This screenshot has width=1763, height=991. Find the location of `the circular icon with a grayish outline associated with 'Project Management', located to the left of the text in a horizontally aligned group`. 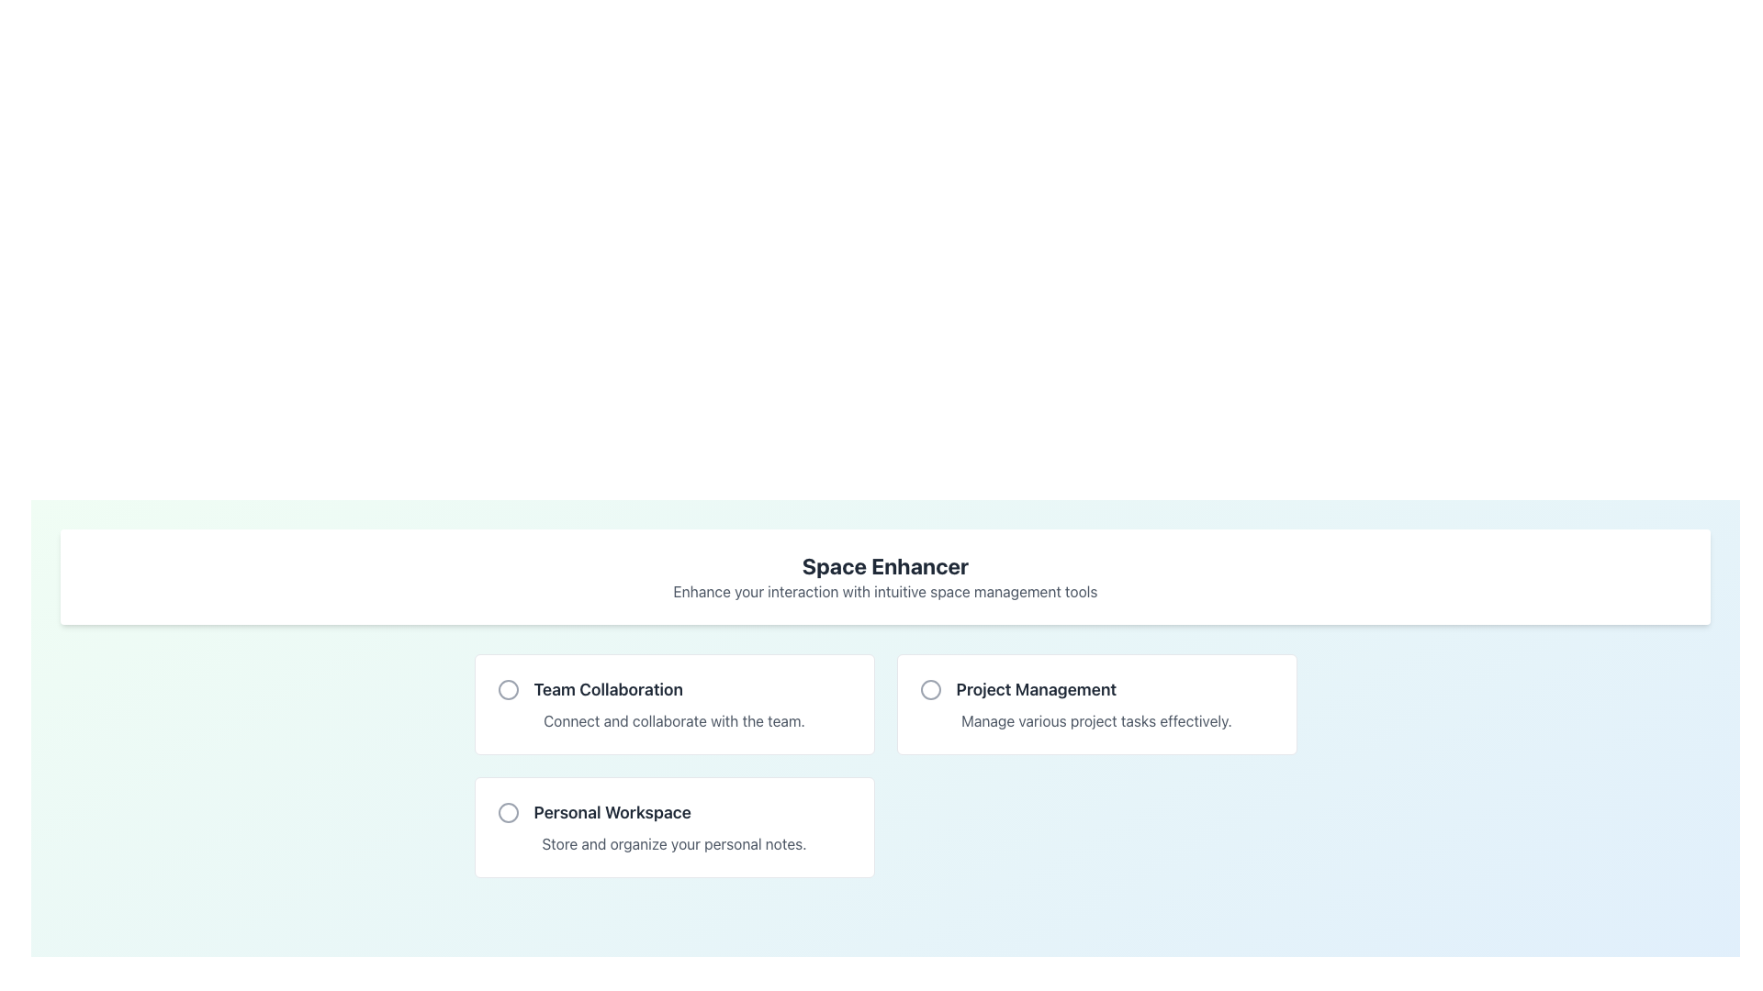

the circular icon with a grayish outline associated with 'Project Management', located to the left of the text in a horizontally aligned group is located at coordinates (930, 690).